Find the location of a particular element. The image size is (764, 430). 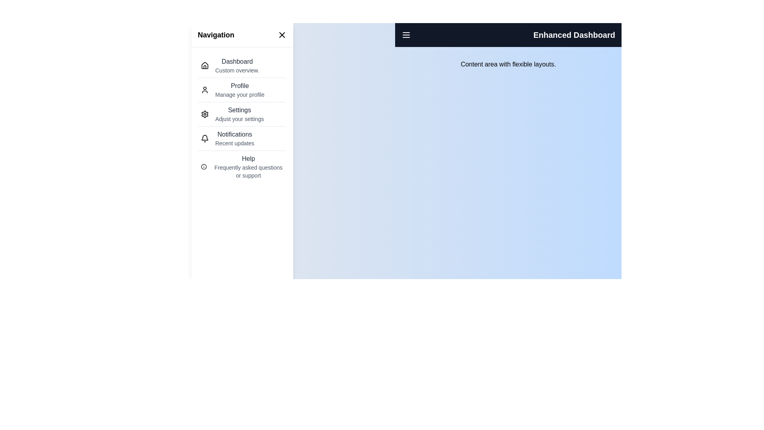

the 'Notifications' label in the navigation panel, which displays the text in dark gray color and is positioned above the 'Help' section is located at coordinates (234, 134).